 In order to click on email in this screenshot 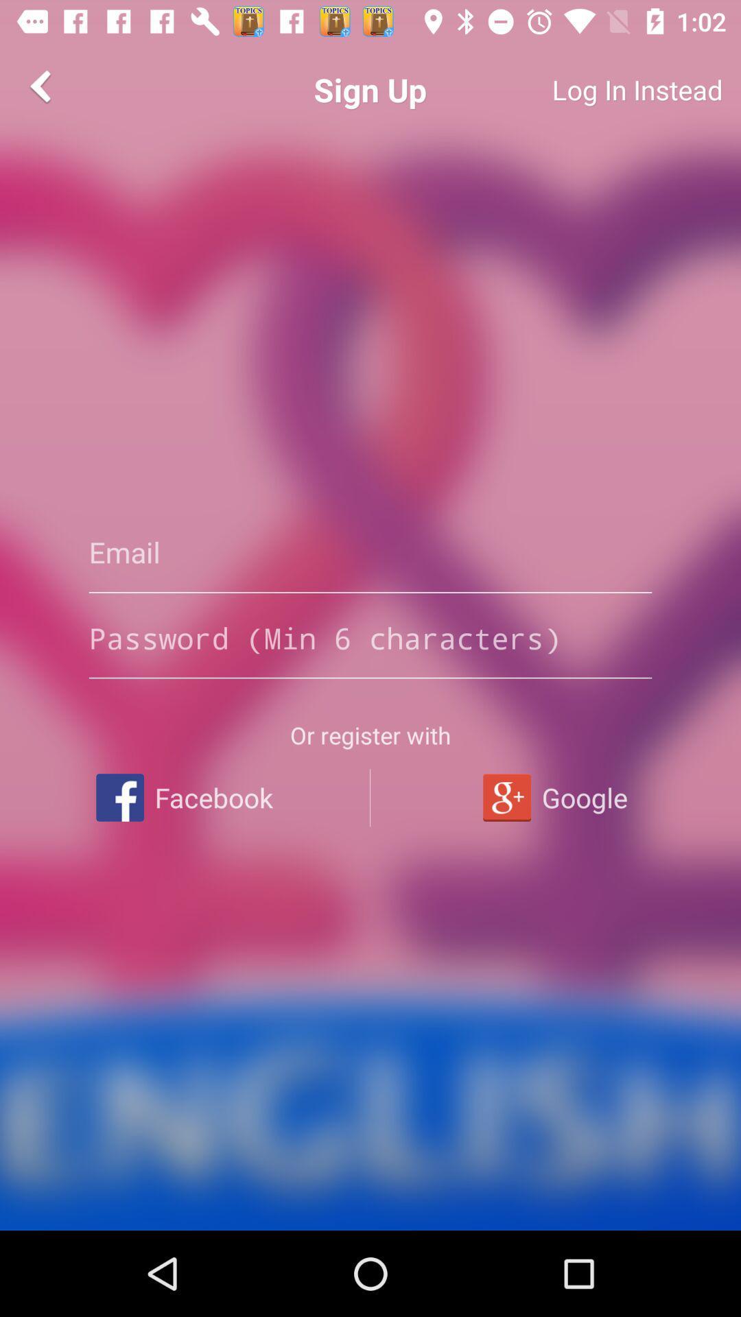, I will do `click(370, 552)`.